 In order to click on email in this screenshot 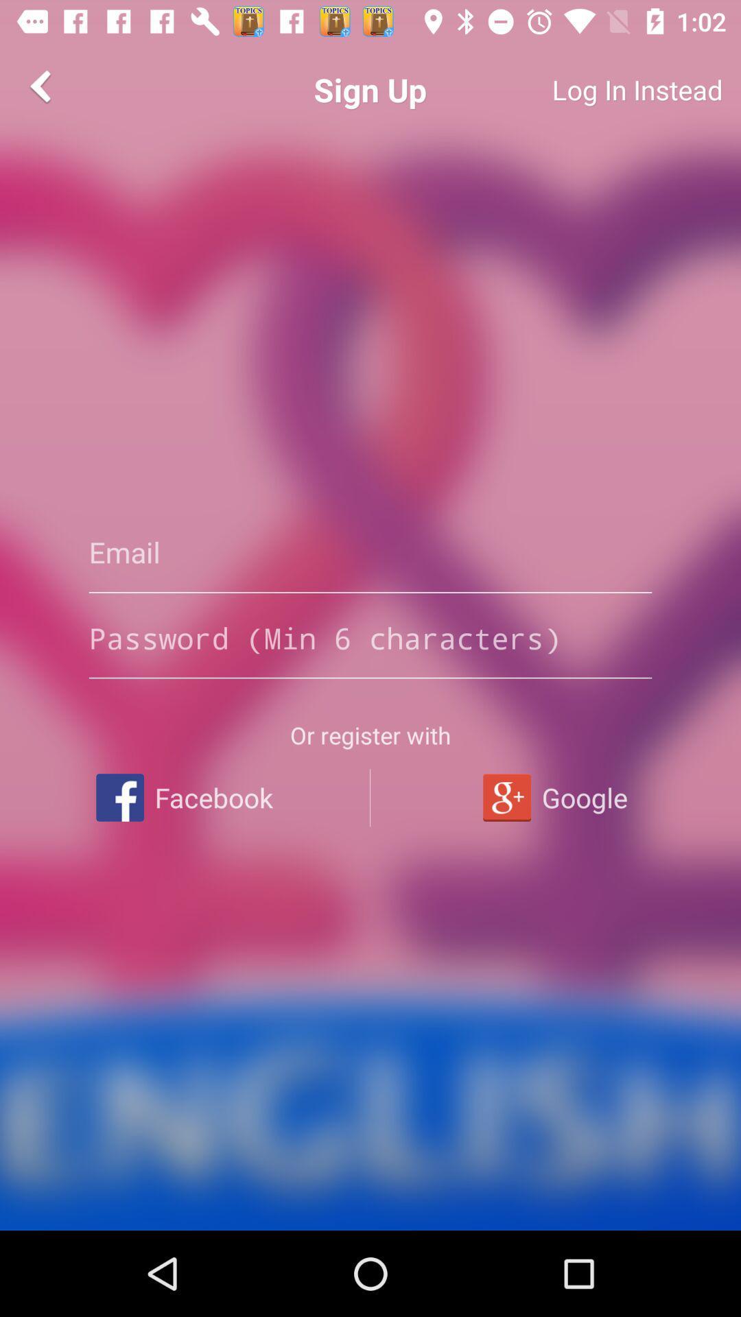, I will do `click(370, 552)`.